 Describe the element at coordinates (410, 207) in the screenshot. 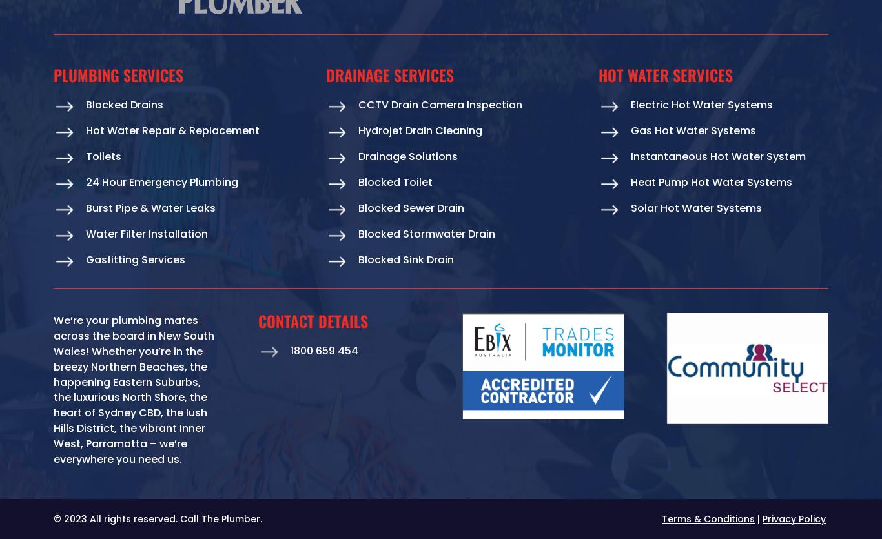

I see `'Blocked Sewer Drain'` at that location.